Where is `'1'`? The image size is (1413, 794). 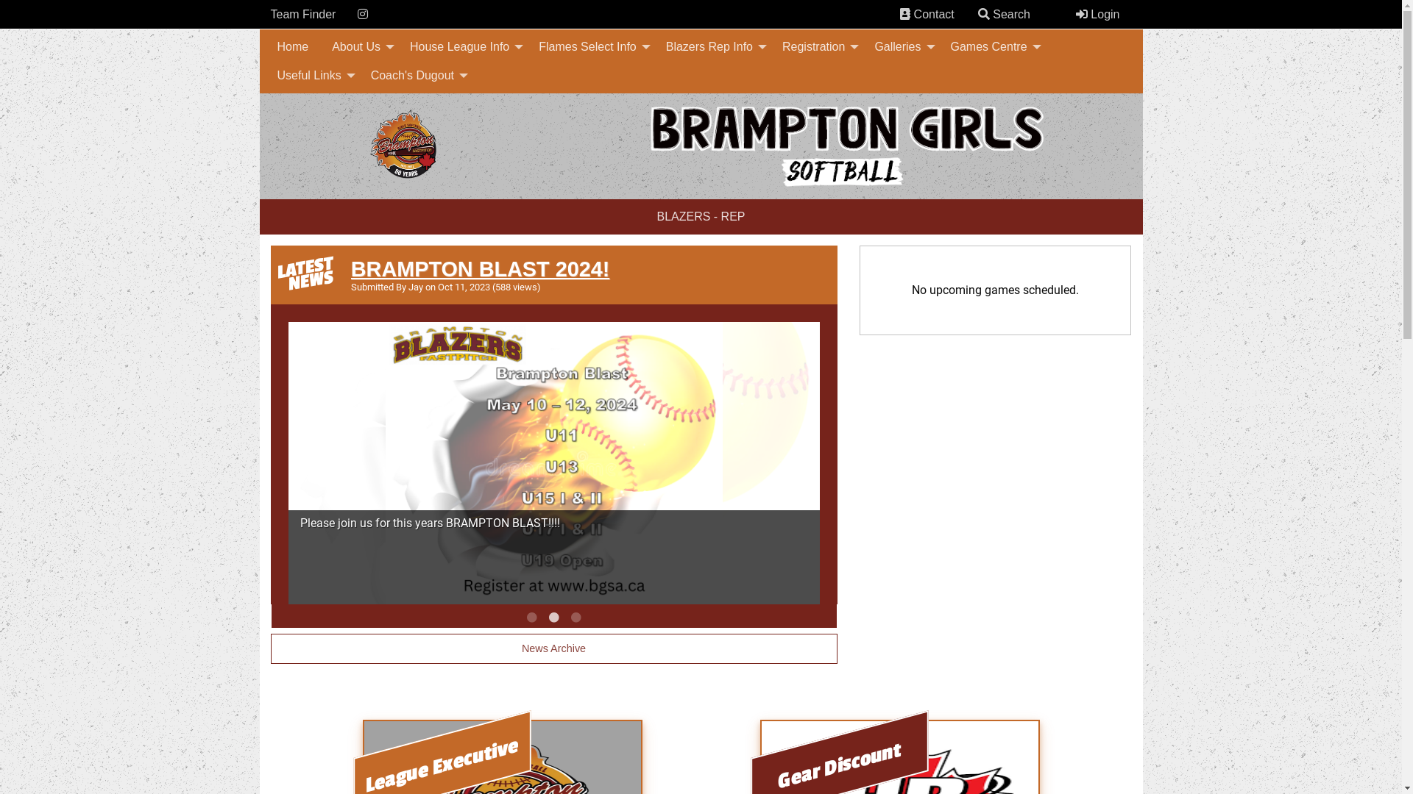 '1' is located at coordinates (530, 618).